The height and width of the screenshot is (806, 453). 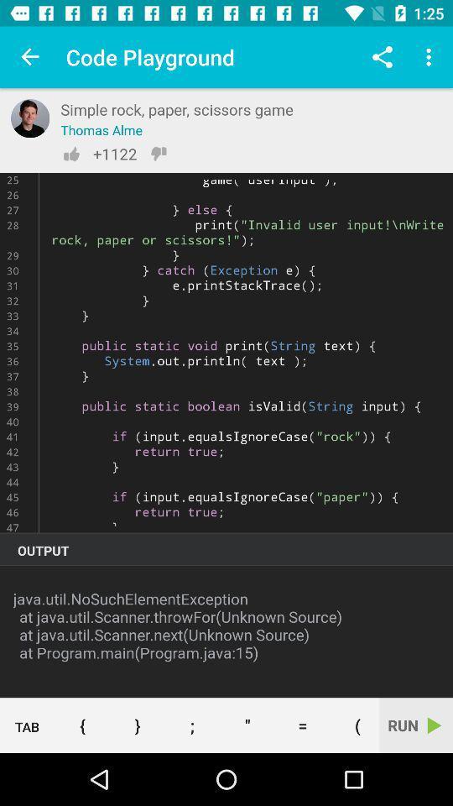 What do you see at coordinates (159, 154) in the screenshot?
I see `dislike` at bounding box center [159, 154].